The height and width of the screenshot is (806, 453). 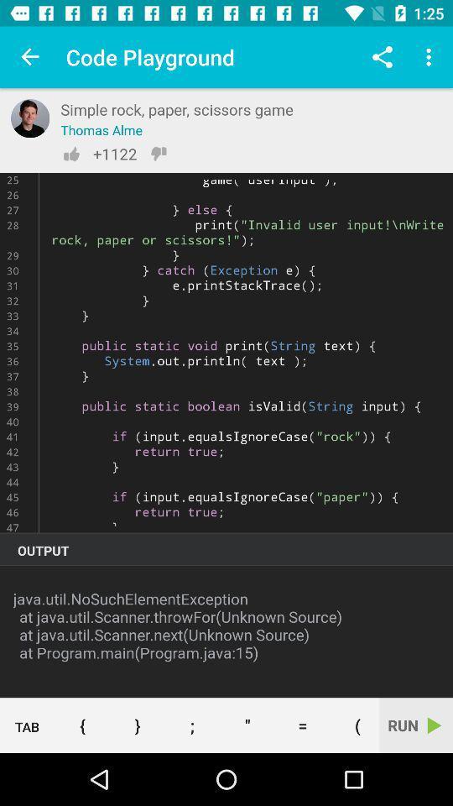 What do you see at coordinates (159, 154) in the screenshot?
I see `dislike` at bounding box center [159, 154].